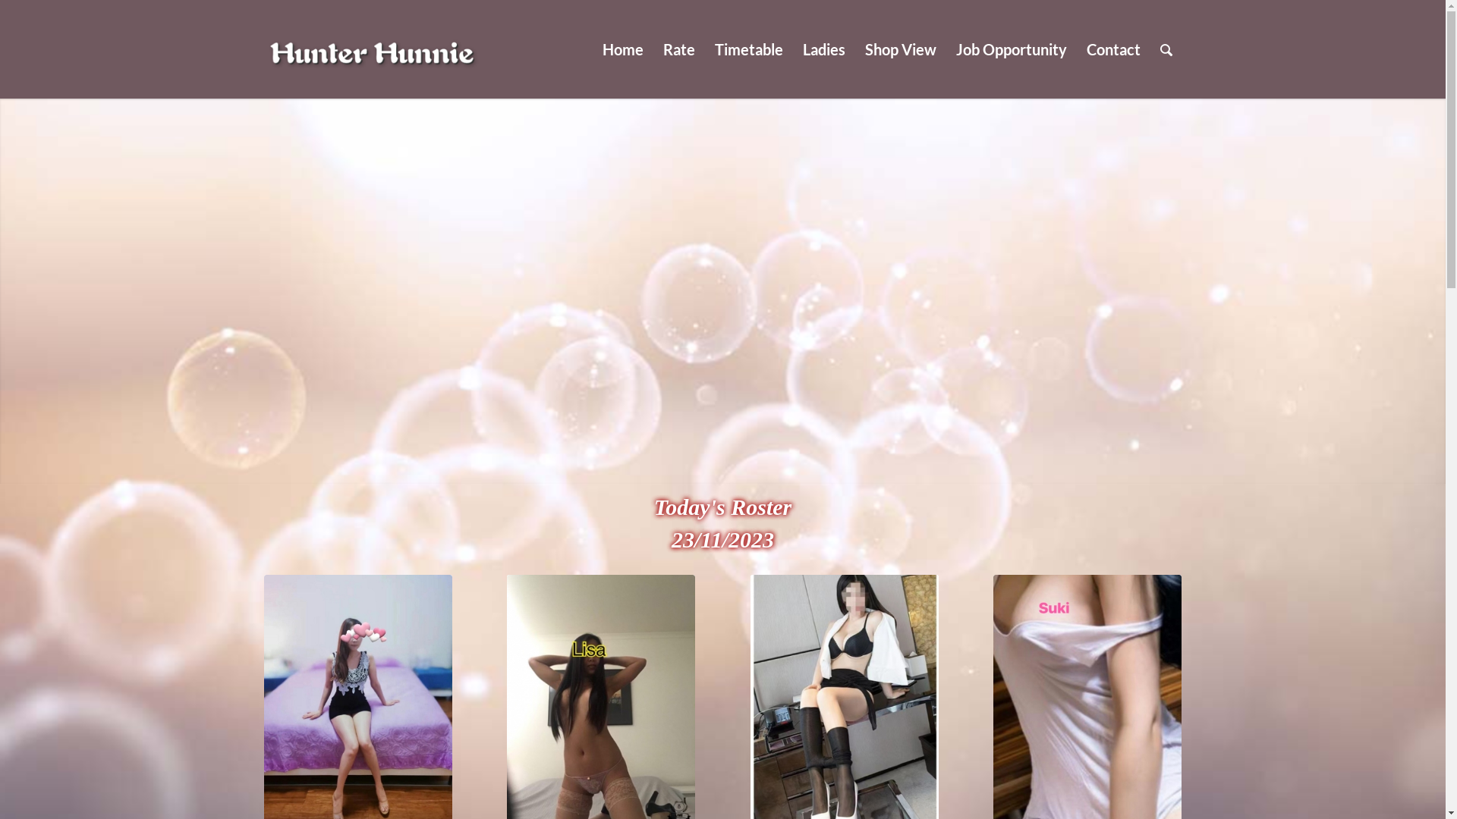 The width and height of the screenshot is (1457, 819). Describe the element at coordinates (622, 49) in the screenshot. I see `'Home'` at that location.